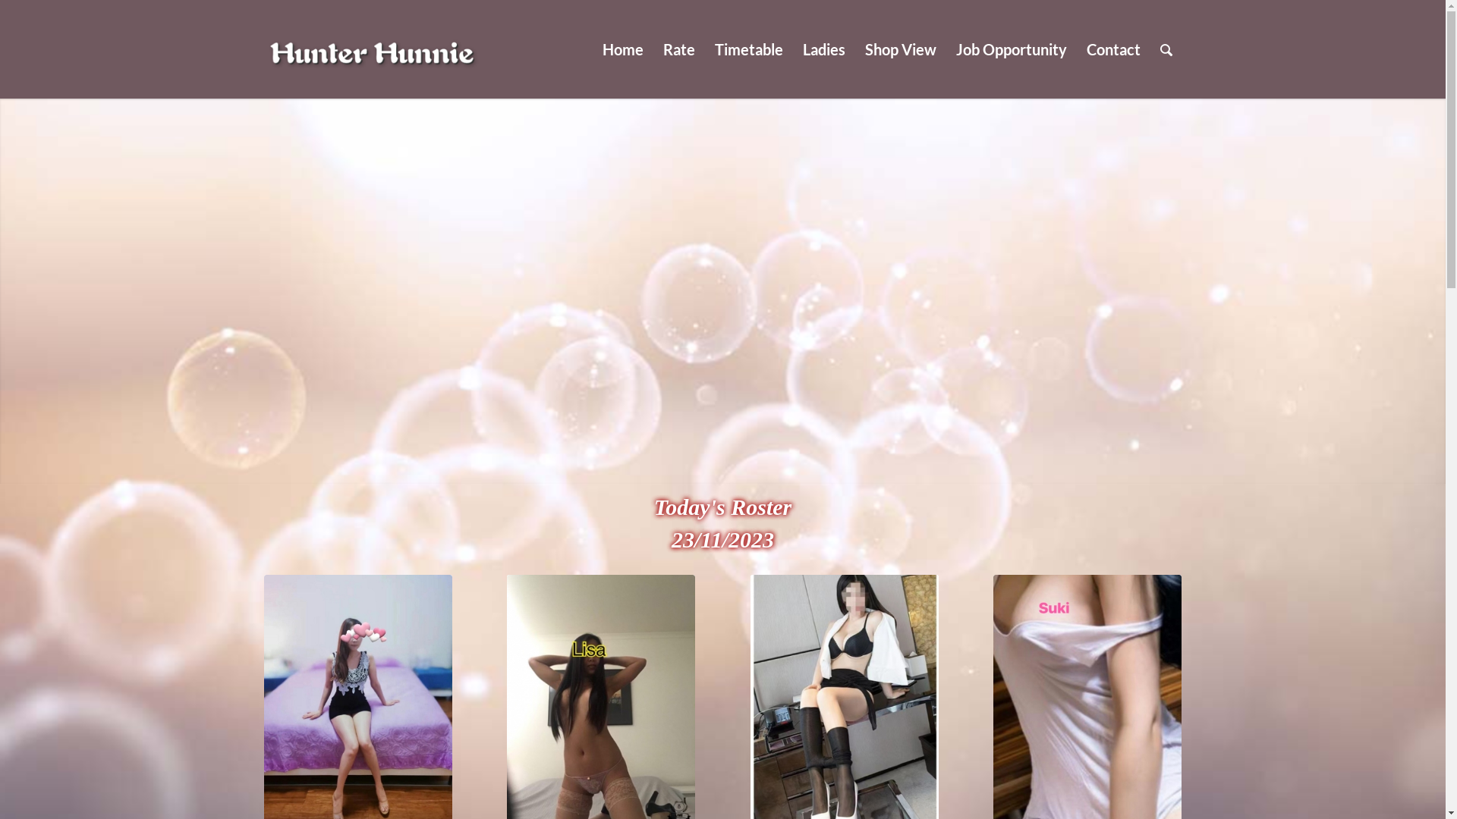 The width and height of the screenshot is (1457, 819). Describe the element at coordinates (622, 49) in the screenshot. I see `'Home'` at that location.